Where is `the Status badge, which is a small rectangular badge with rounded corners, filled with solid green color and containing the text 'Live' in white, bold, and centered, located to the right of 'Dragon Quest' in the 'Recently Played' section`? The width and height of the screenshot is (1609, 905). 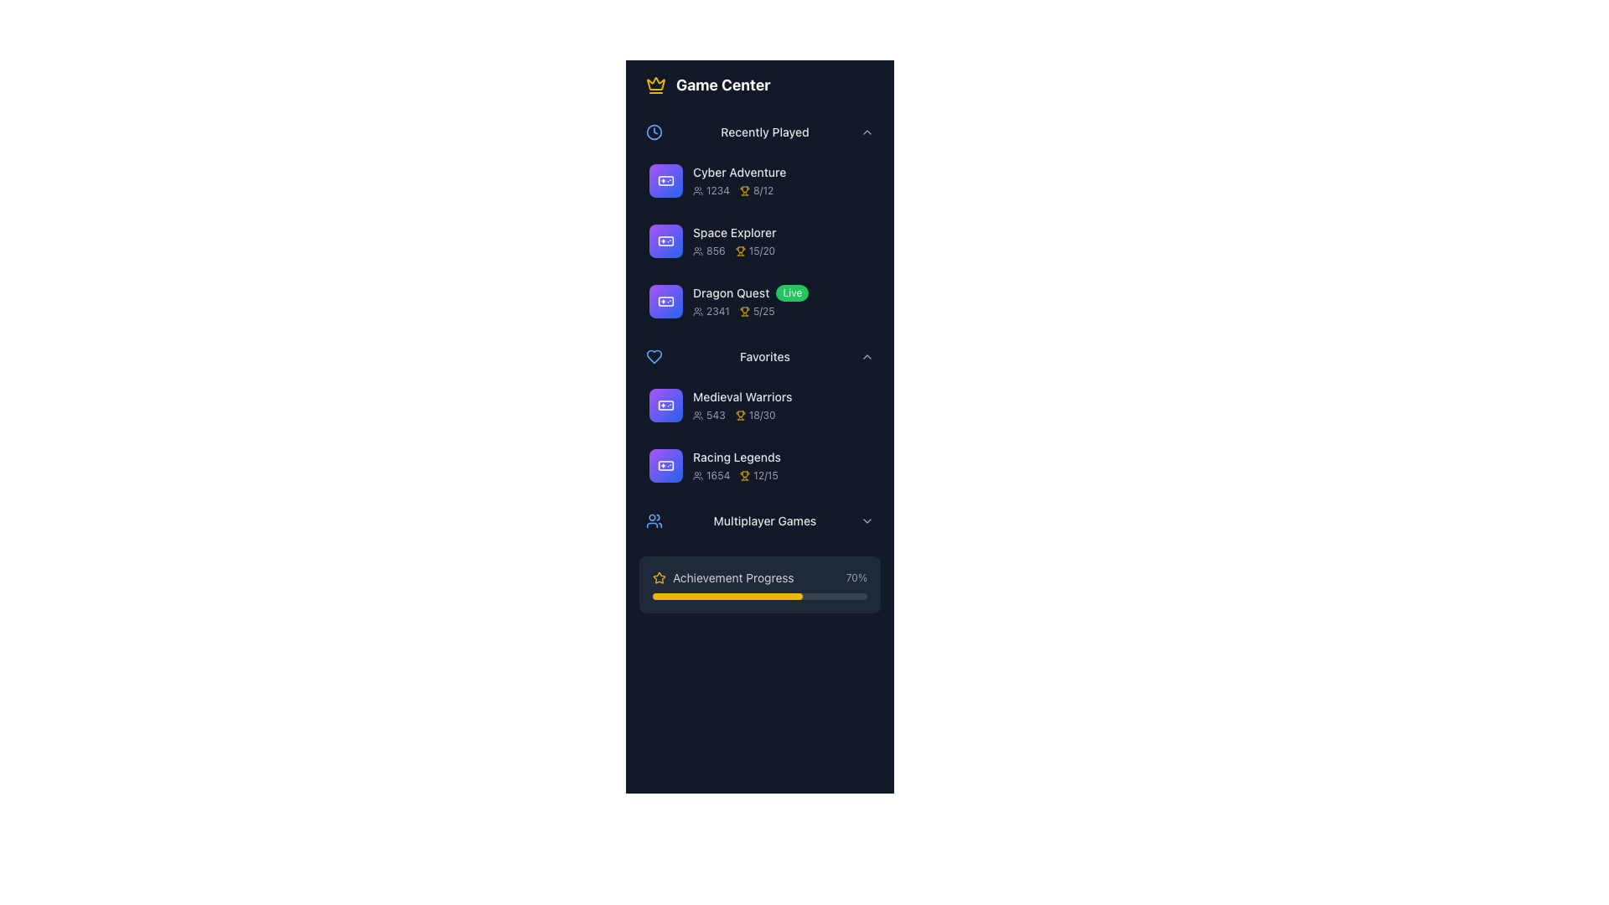 the Status badge, which is a small rectangular badge with rounded corners, filled with solid green color and containing the text 'Live' in white, bold, and centered, located to the right of 'Dragon Quest' in the 'Recently Played' section is located at coordinates (791, 292).